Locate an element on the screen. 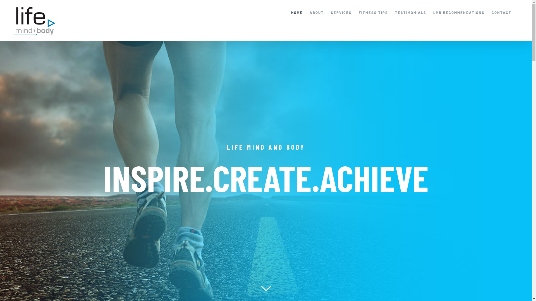  'FITNESS TIPS' is located at coordinates (359, 13).